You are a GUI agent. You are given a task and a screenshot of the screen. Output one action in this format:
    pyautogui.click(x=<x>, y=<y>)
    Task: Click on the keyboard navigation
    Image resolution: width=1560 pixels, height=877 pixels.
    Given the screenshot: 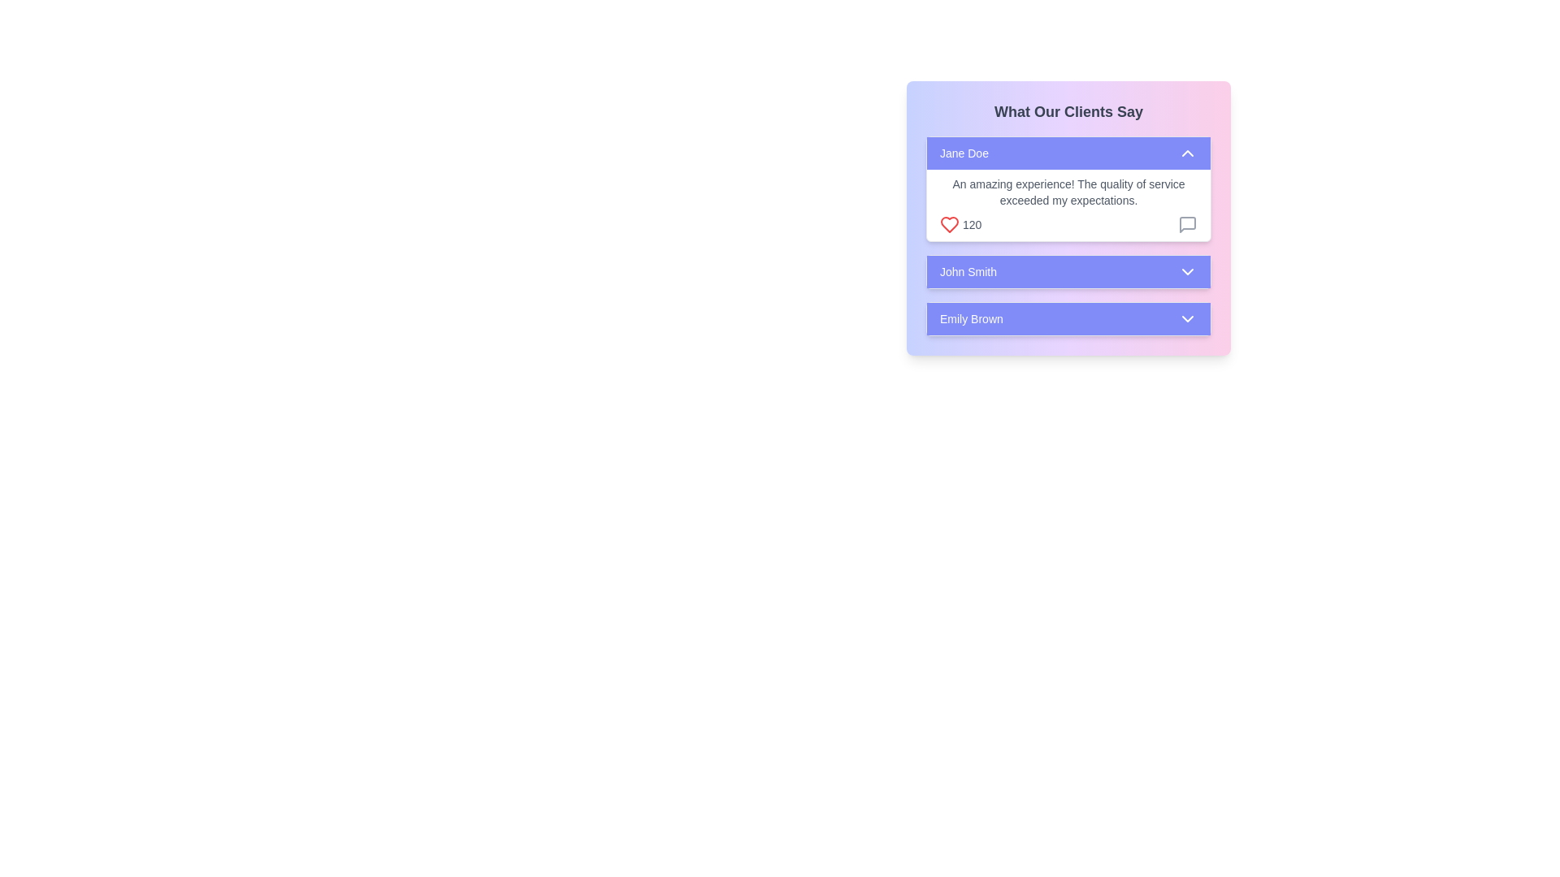 What is the action you would take?
    pyautogui.click(x=1068, y=319)
    